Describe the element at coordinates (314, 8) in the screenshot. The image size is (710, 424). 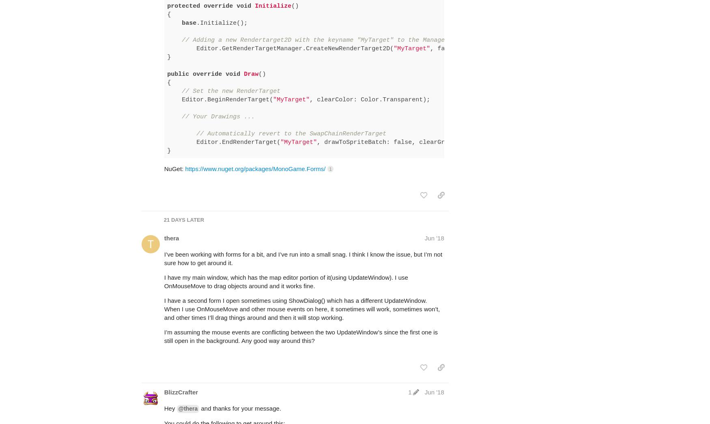
I see `'// Adding a new Rendertarget2D with the keyname "MyTarget" to the Manager'` at that location.